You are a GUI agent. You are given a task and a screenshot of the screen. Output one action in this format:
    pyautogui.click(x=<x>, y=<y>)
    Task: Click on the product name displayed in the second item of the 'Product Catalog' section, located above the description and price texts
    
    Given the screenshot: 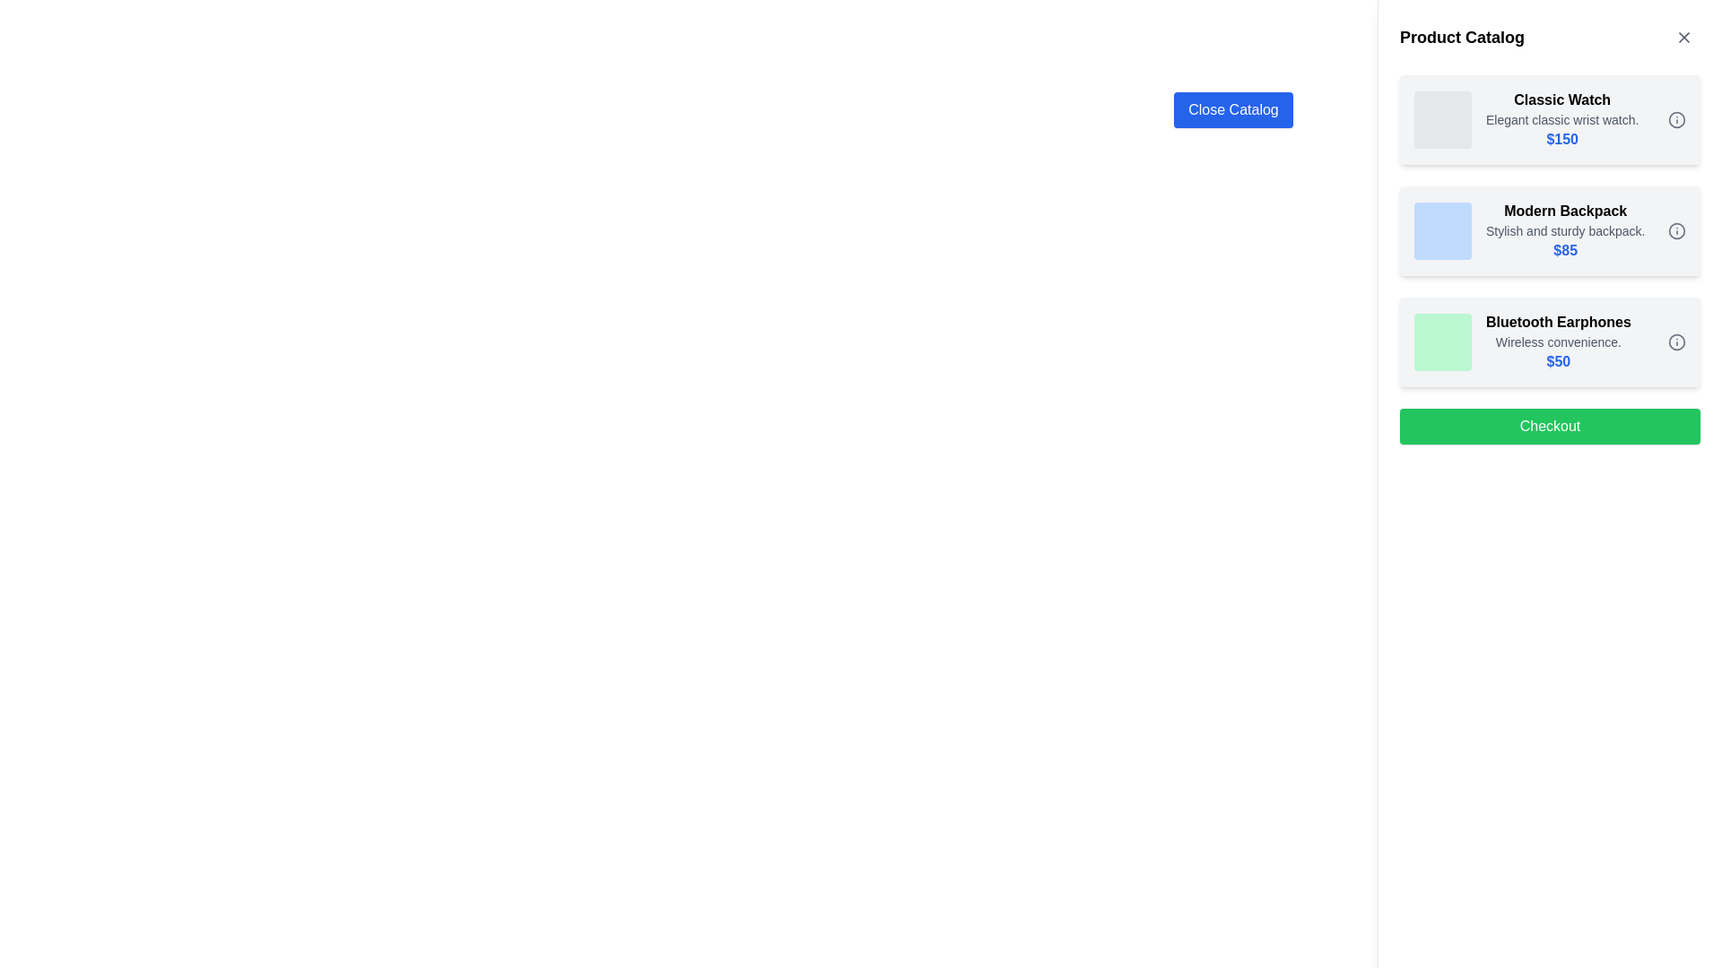 What is the action you would take?
    pyautogui.click(x=1564, y=210)
    